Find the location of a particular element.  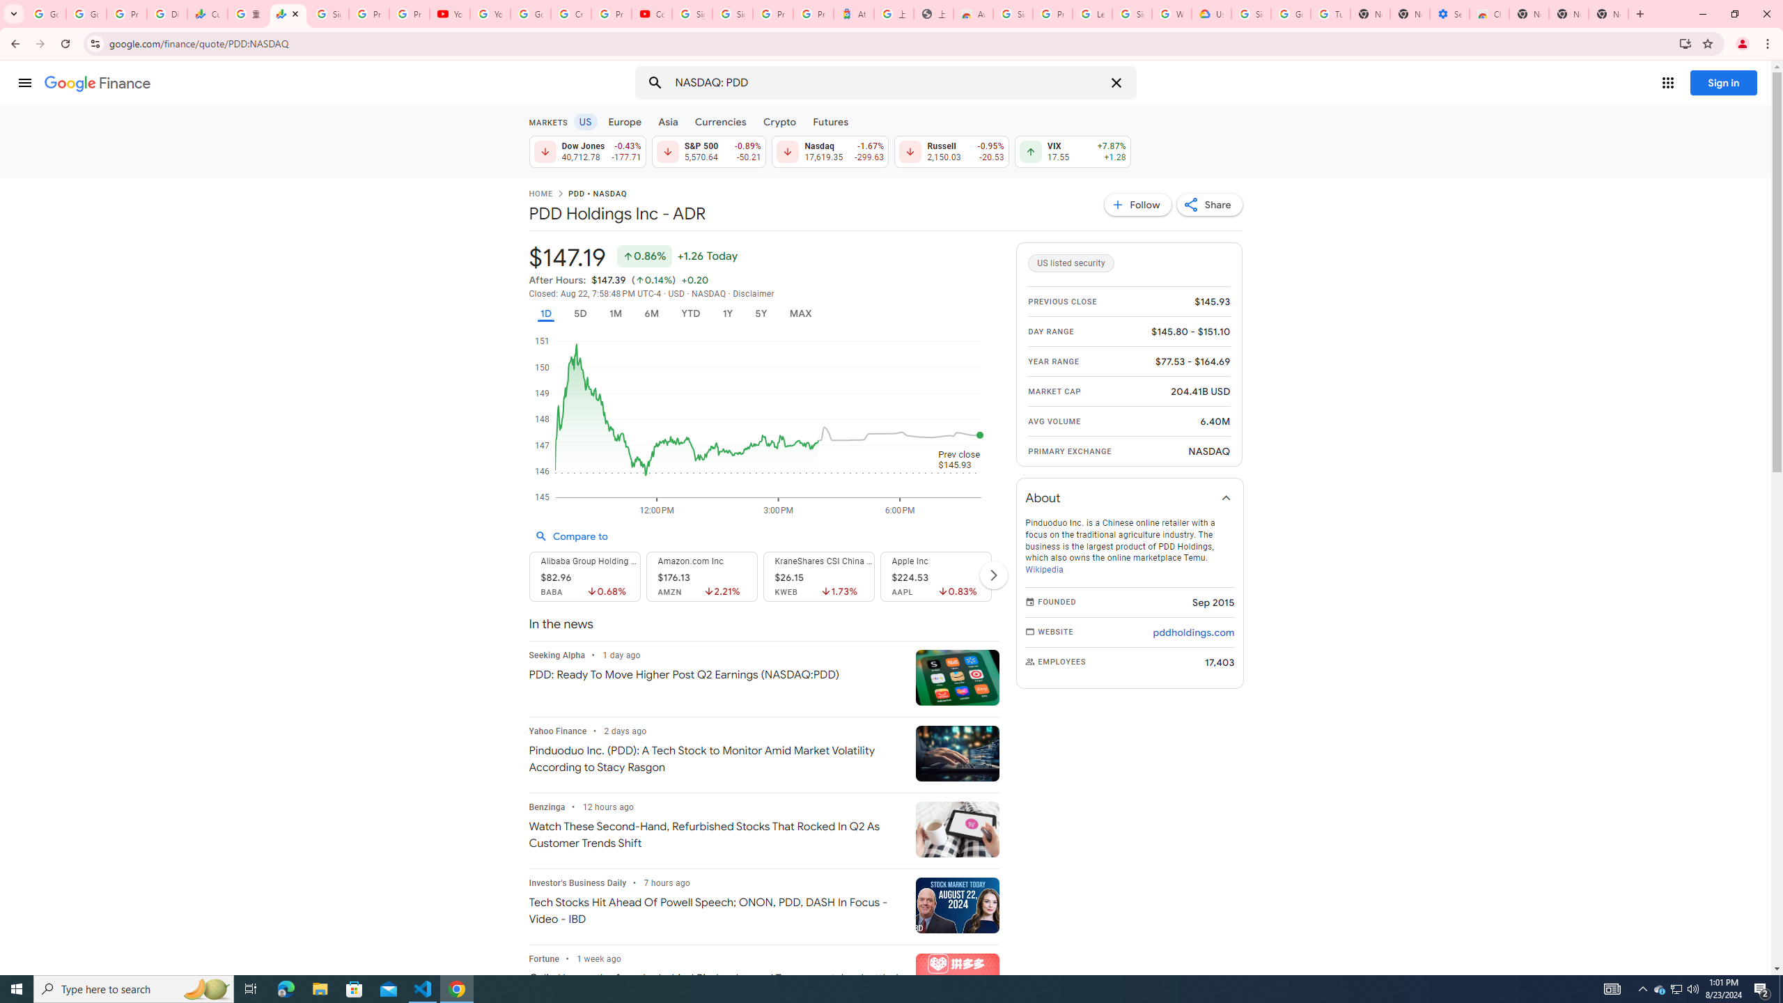

'6M' is located at coordinates (651, 313).